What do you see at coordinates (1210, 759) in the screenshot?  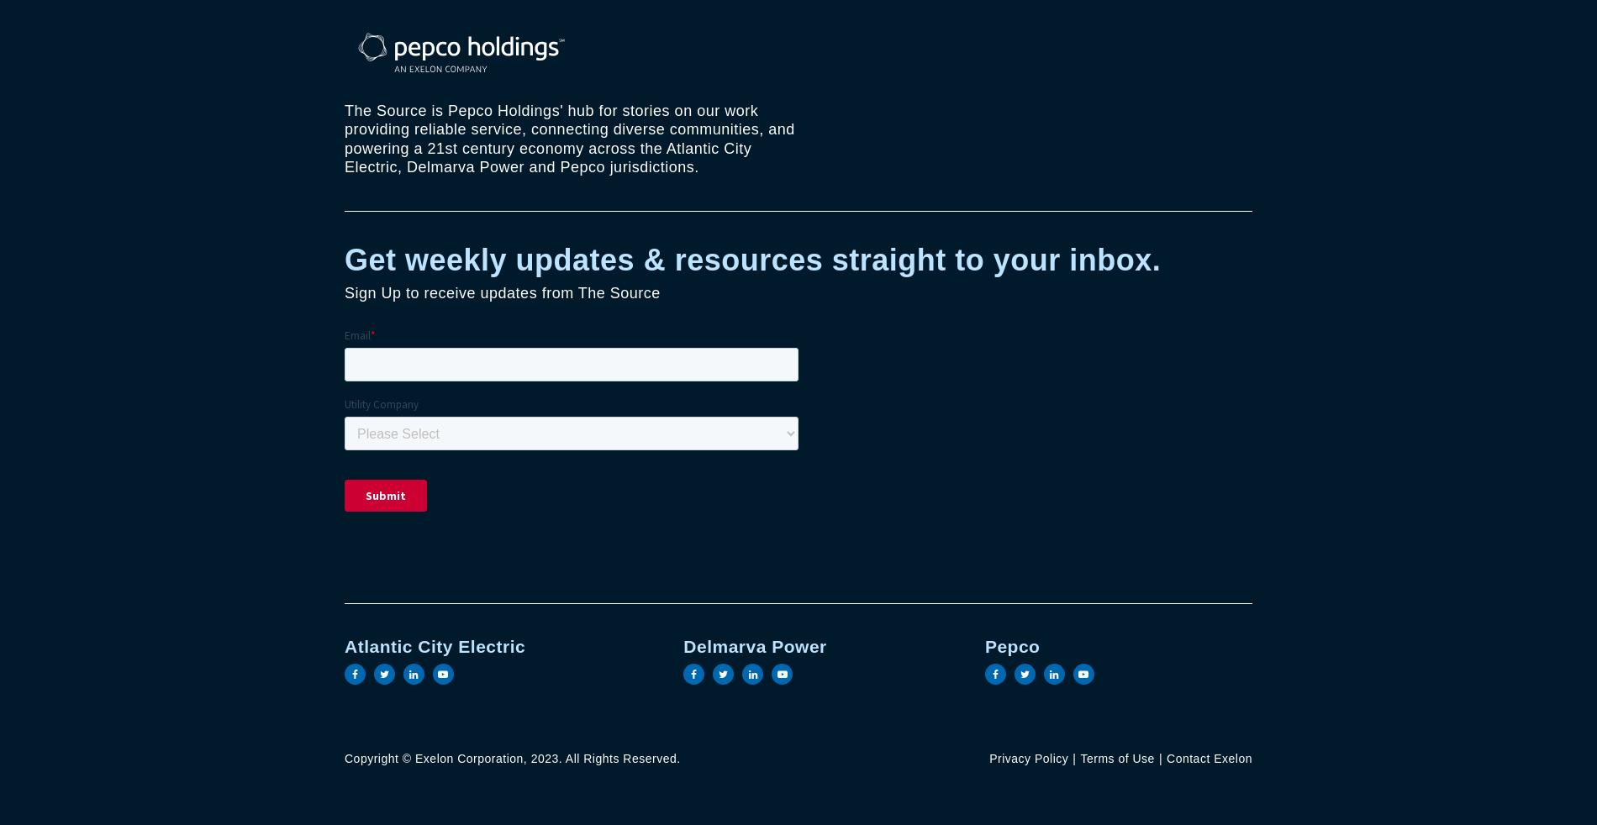 I see `'Contact Exelon'` at bounding box center [1210, 759].